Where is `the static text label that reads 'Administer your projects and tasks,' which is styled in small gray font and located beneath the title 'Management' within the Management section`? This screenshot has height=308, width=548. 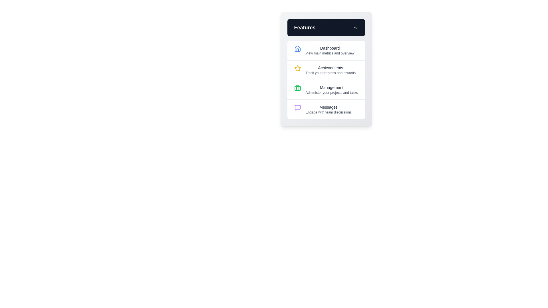 the static text label that reads 'Administer your projects and tasks,' which is styled in small gray font and located beneath the title 'Management' within the Management section is located at coordinates (332, 92).